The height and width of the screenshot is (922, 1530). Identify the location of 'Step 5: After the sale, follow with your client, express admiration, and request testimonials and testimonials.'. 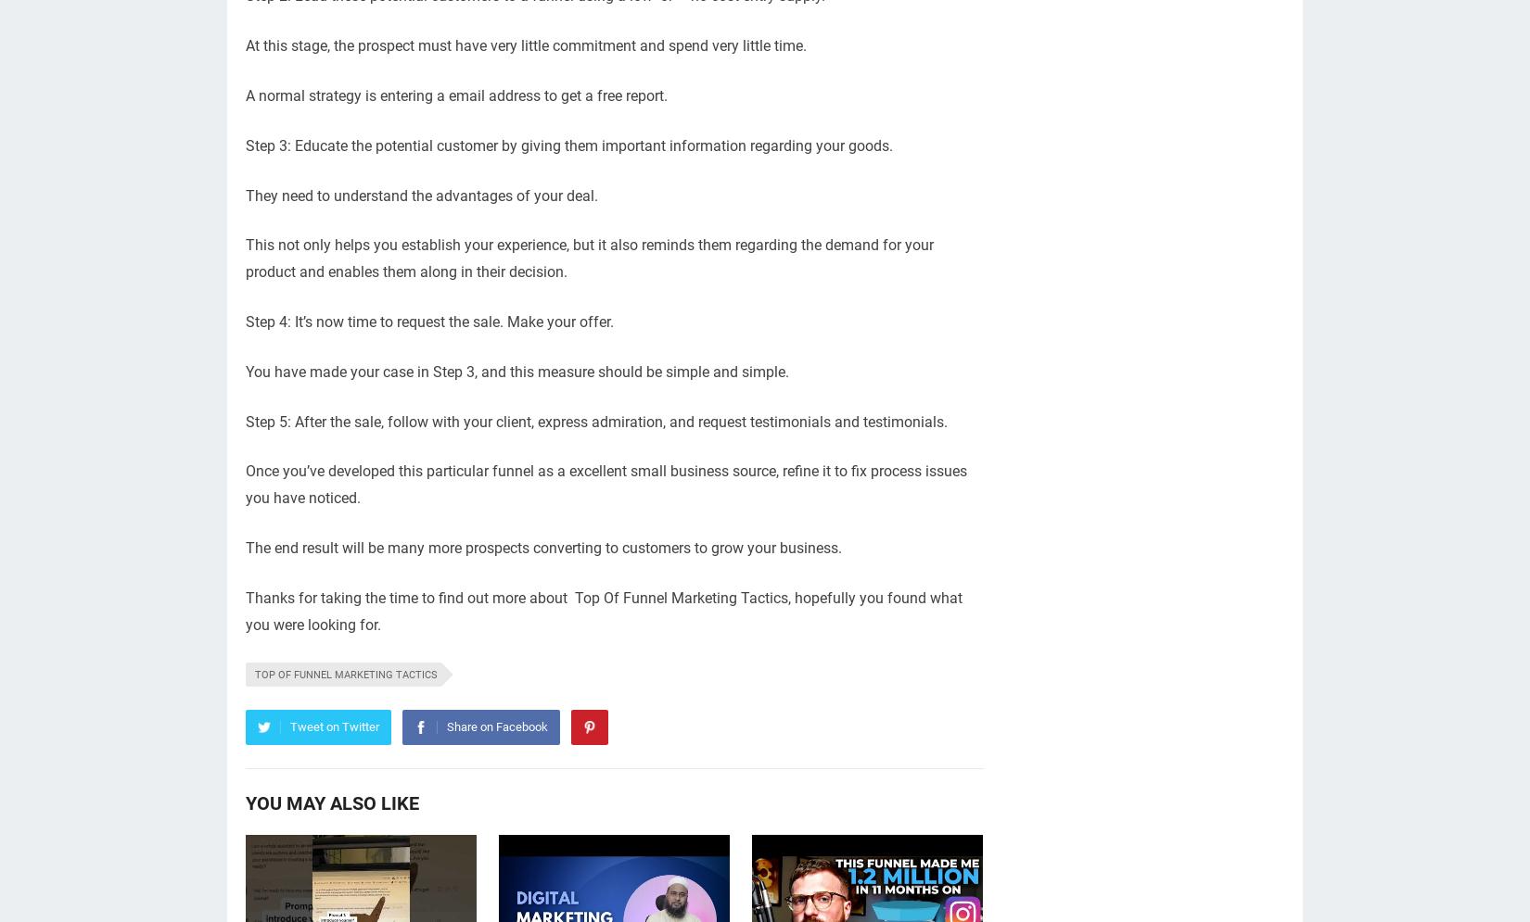
(595, 420).